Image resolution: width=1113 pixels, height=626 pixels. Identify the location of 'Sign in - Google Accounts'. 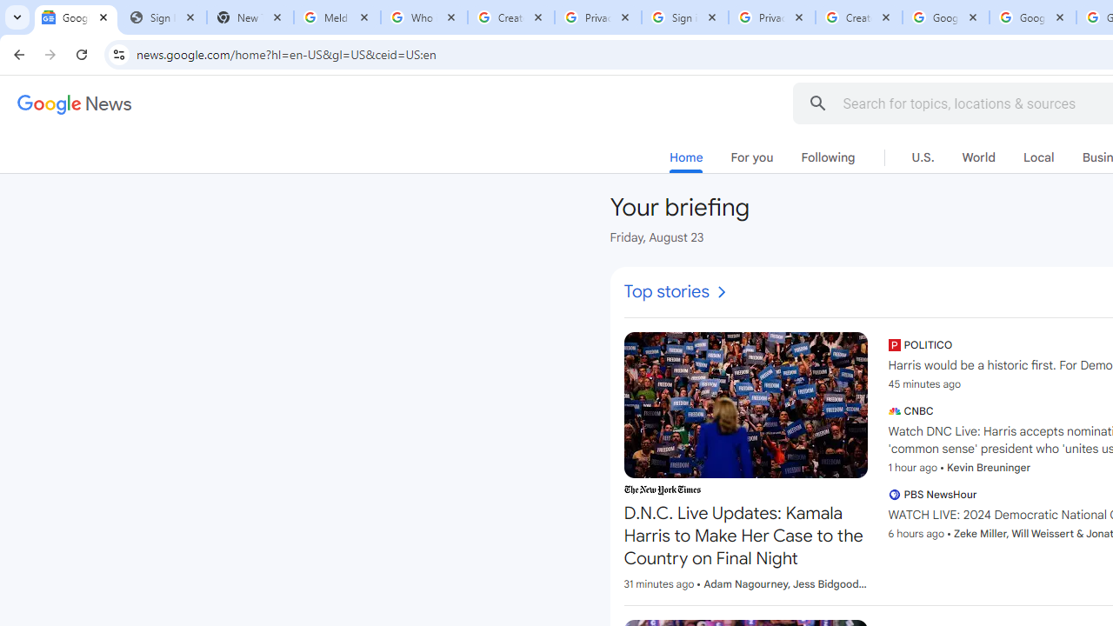
(684, 17).